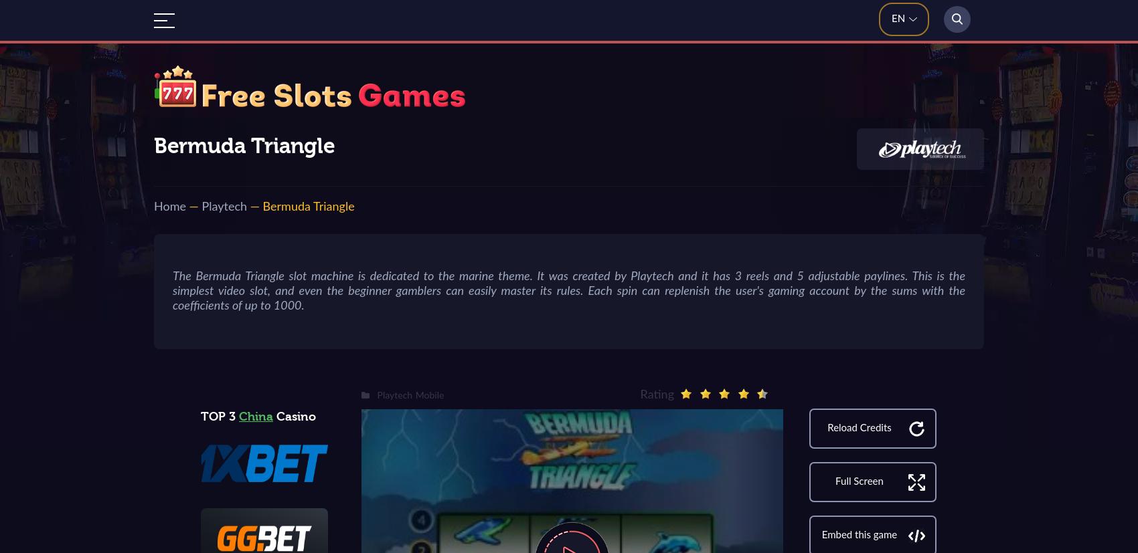  Describe the element at coordinates (859, 481) in the screenshot. I see `'Full
Screen'` at that location.